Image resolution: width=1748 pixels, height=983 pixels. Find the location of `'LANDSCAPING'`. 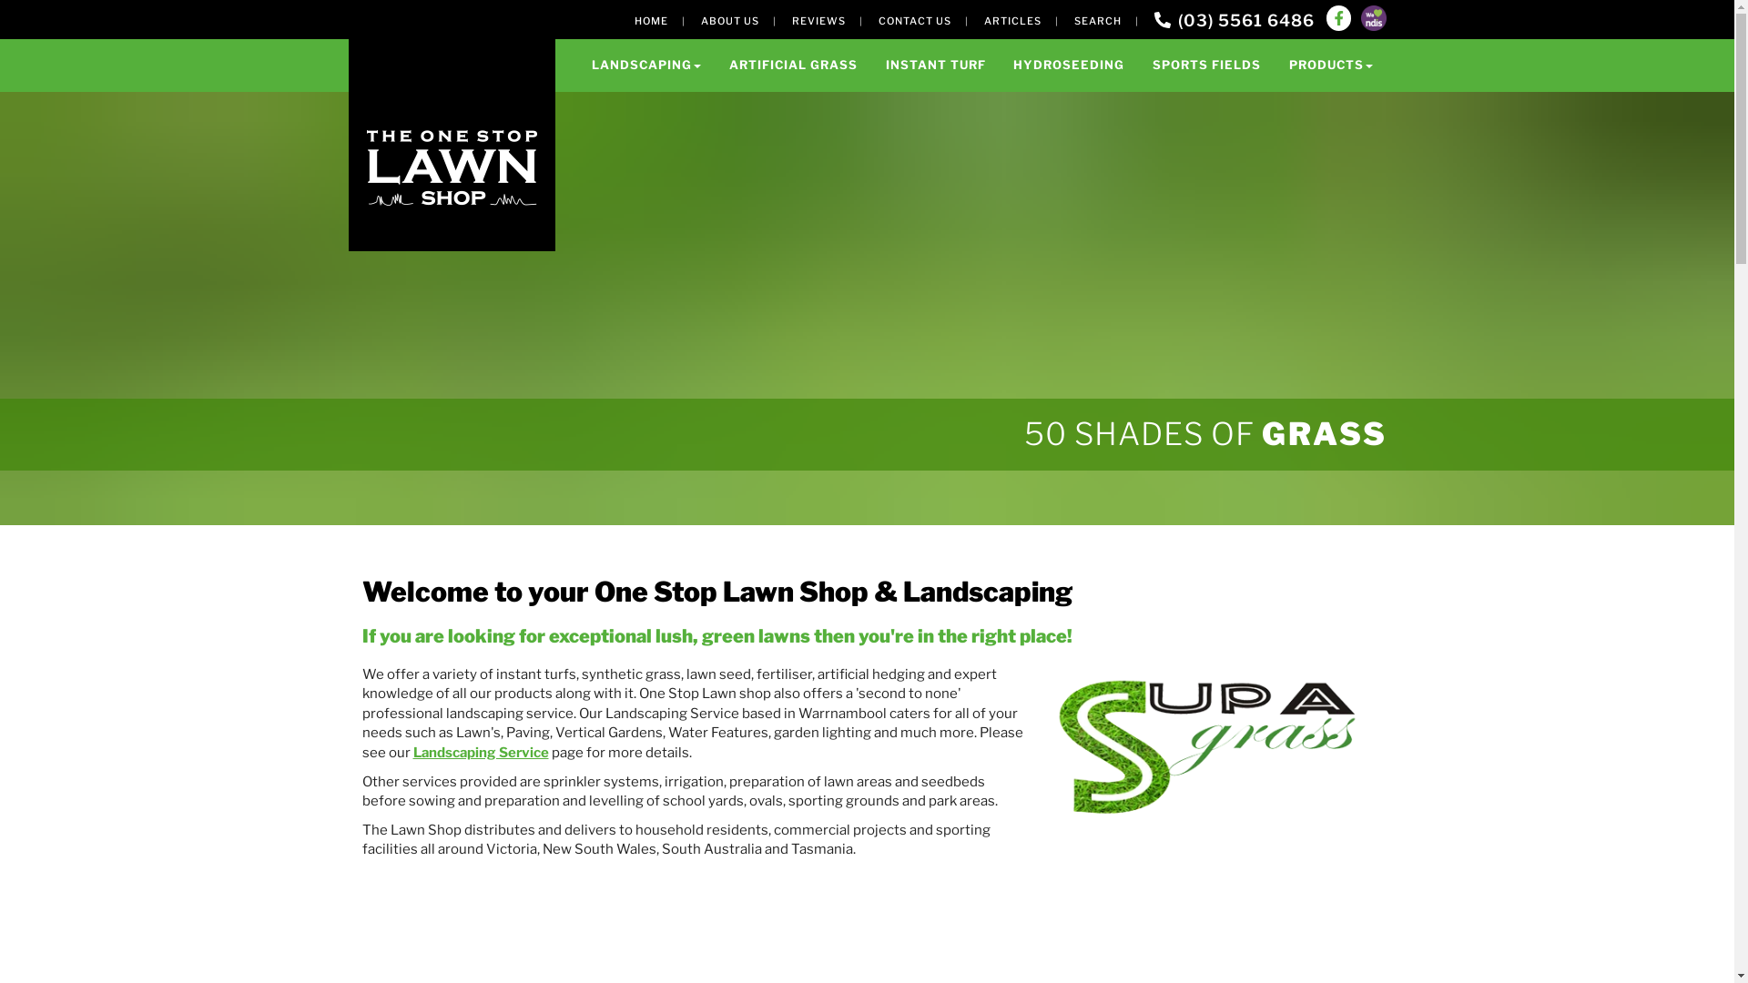

'LANDSCAPING' is located at coordinates (577, 65).